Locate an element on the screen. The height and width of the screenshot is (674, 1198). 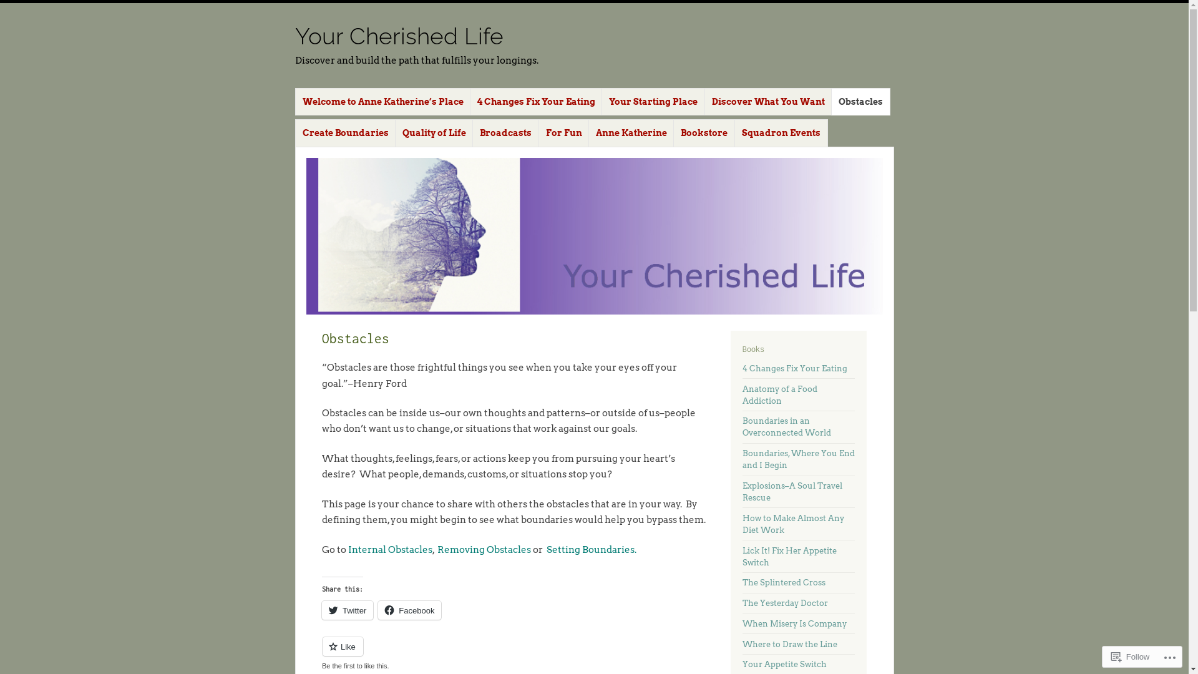
'Like or Reblog' is located at coordinates (514, 653).